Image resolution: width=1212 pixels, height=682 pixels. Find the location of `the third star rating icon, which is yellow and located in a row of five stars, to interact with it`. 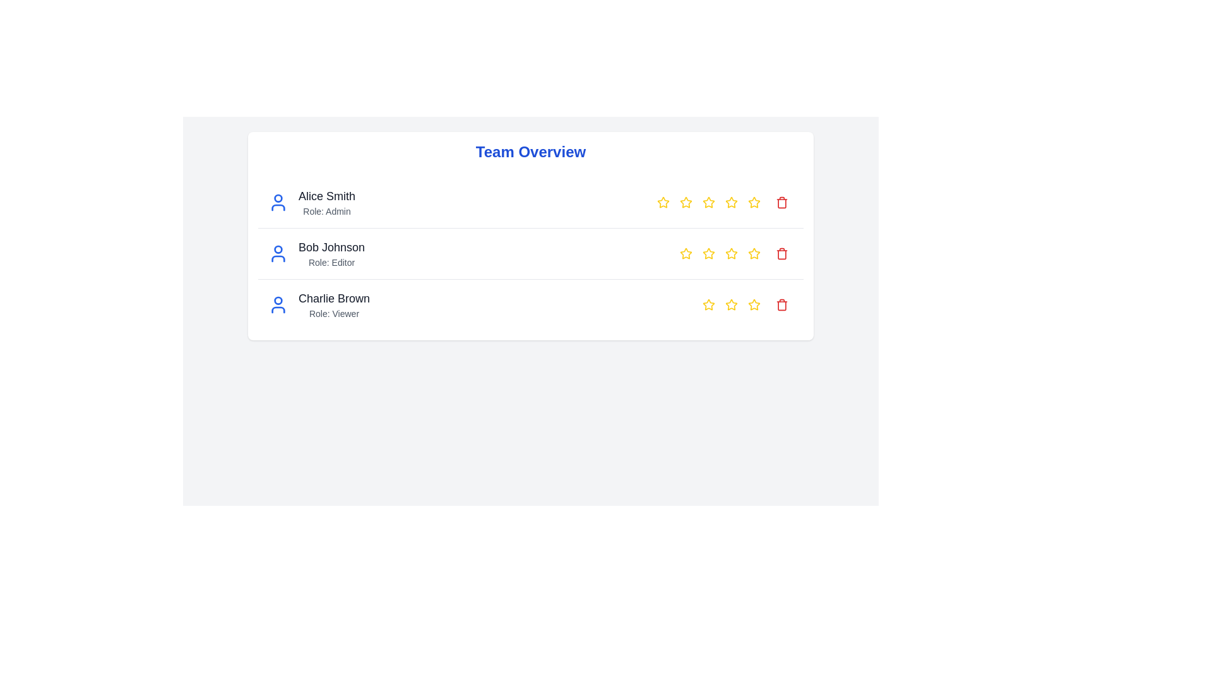

the third star rating icon, which is yellow and located in a row of five stars, to interact with it is located at coordinates (748, 304).